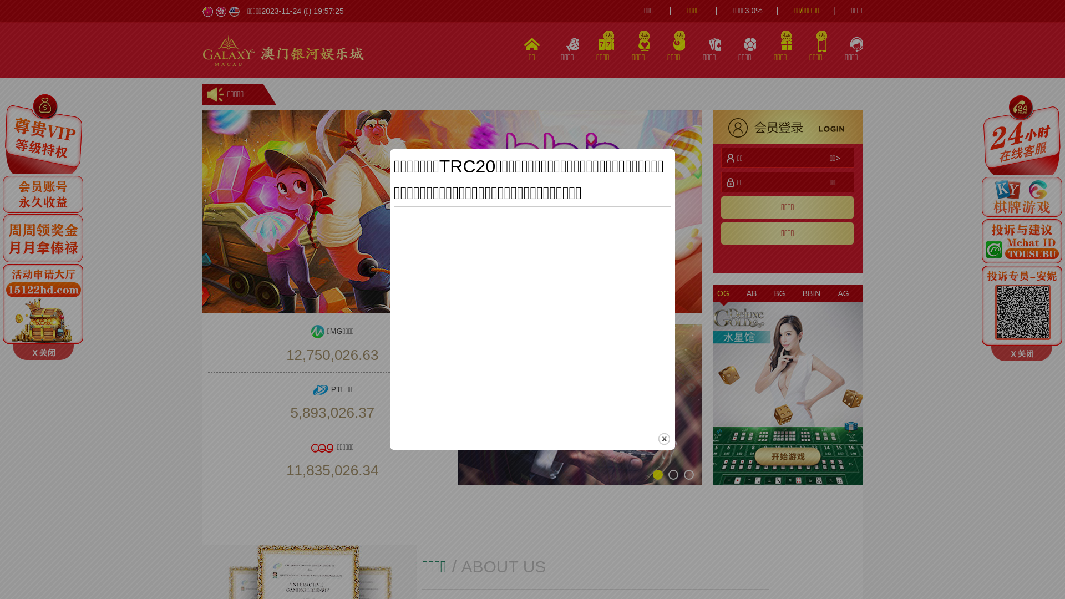 Image resolution: width=1065 pixels, height=599 pixels. I want to click on 'BG', so click(779, 292).